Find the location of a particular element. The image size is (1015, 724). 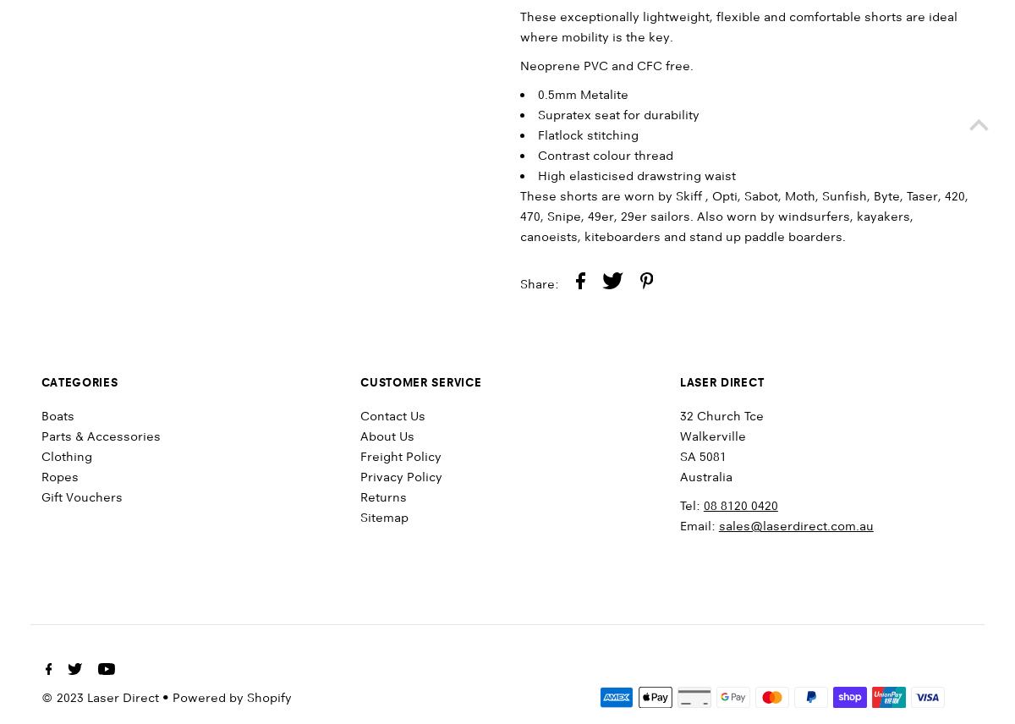

'Clothing' is located at coordinates (66, 455).